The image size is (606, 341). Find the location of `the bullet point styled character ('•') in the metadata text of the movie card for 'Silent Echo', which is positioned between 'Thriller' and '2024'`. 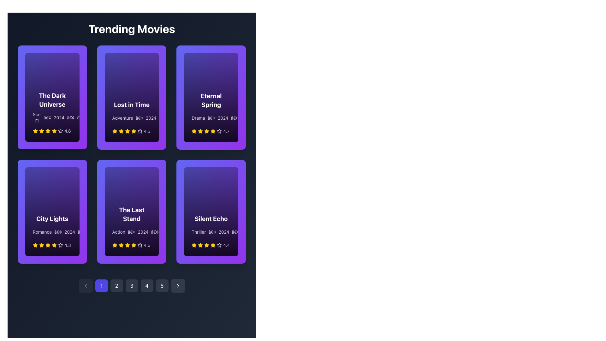

the bullet point styled character ('•') in the metadata text of the movie card for 'Silent Echo', which is positioned between 'Thriller' and '2024' is located at coordinates (212, 232).